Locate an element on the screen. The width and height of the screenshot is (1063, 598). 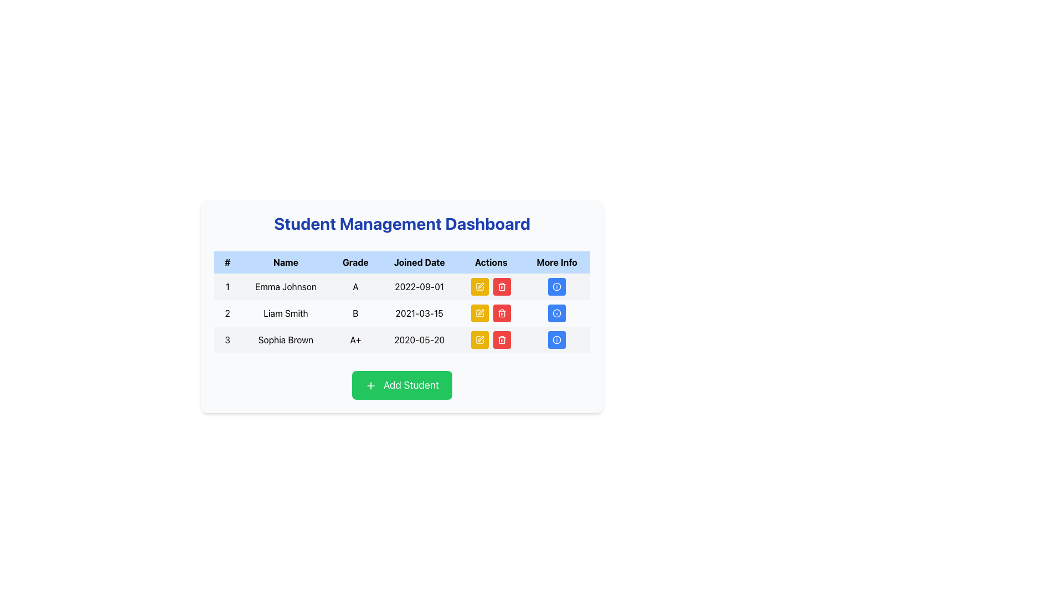
text displayed by the element representing the name 'Liam Smith', which is located in the second row of the data table, specifically in the 'Name' column is located at coordinates (286, 313).